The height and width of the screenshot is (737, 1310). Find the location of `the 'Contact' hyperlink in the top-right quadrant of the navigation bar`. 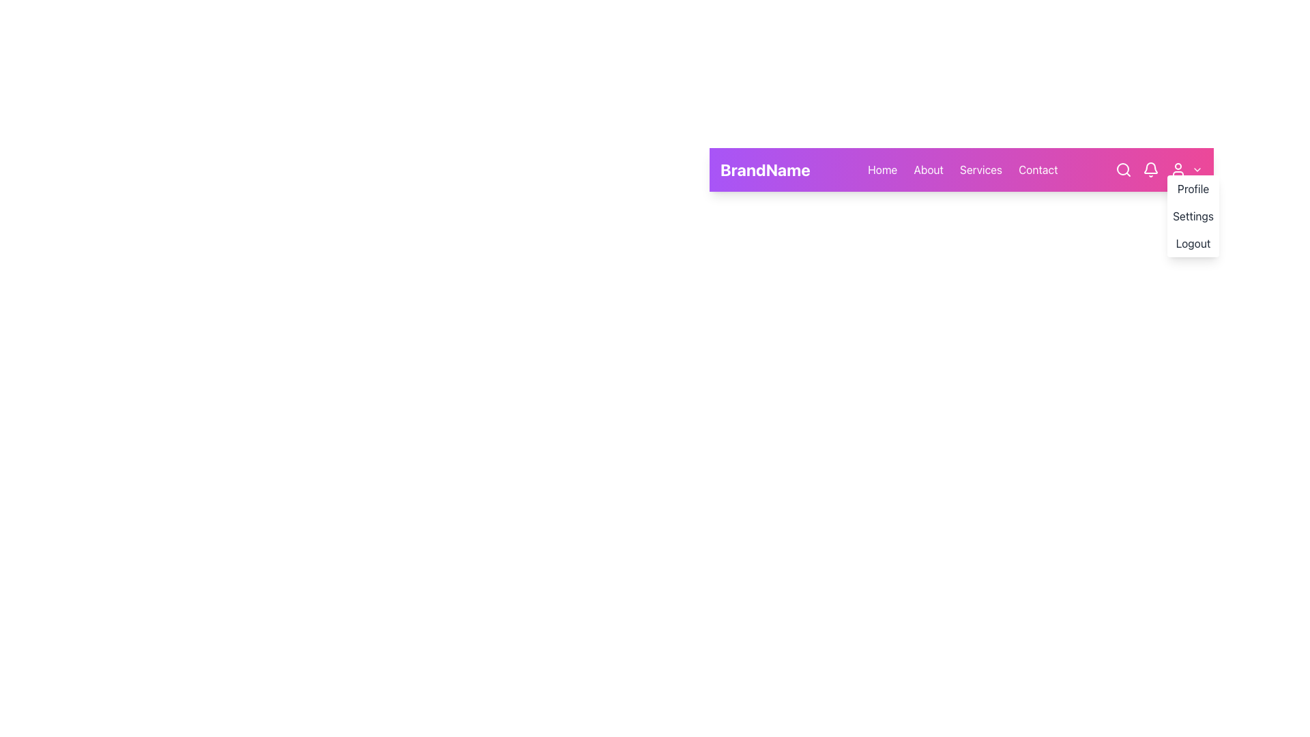

the 'Contact' hyperlink in the top-right quadrant of the navigation bar is located at coordinates (1037, 169).